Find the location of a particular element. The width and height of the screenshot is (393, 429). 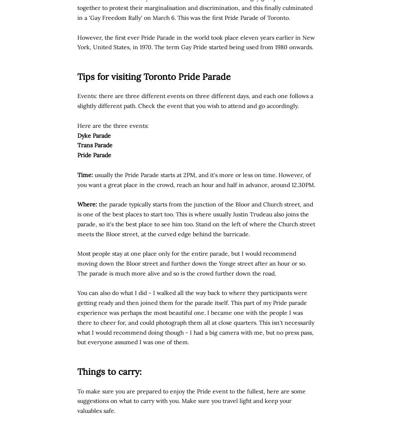

'Where:' is located at coordinates (88, 204).